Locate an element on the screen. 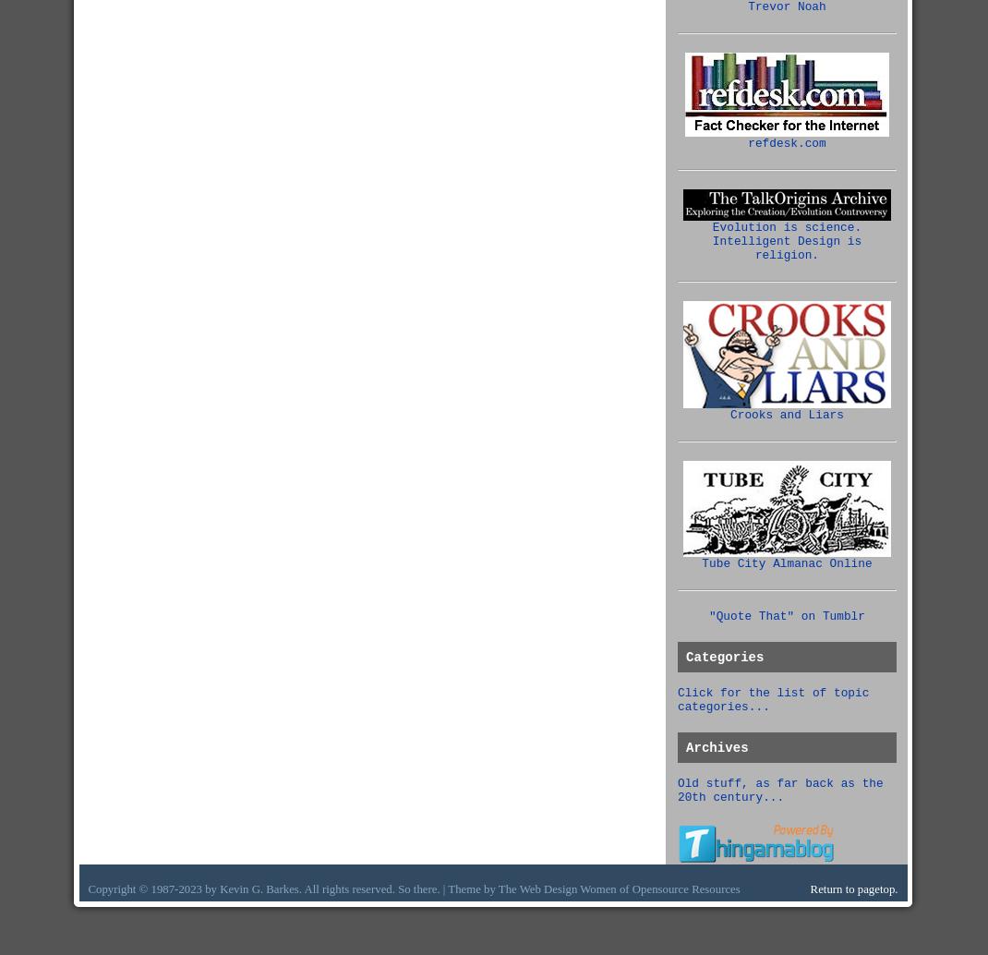 The height and width of the screenshot is (955, 988). '"Quote That" on Tumblr' is located at coordinates (787, 616).